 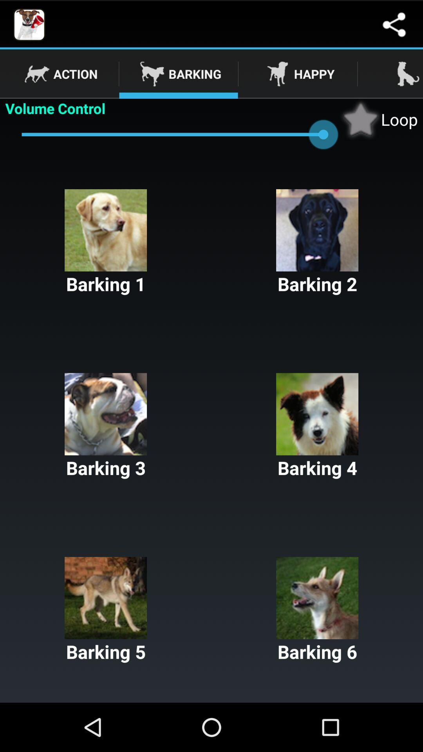 What do you see at coordinates (106, 242) in the screenshot?
I see `the barking 1` at bounding box center [106, 242].